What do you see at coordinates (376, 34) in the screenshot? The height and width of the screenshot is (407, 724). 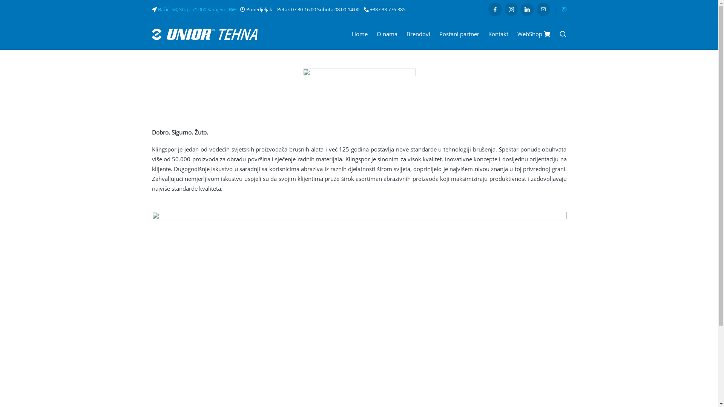 I see `'O nama'` at bounding box center [376, 34].